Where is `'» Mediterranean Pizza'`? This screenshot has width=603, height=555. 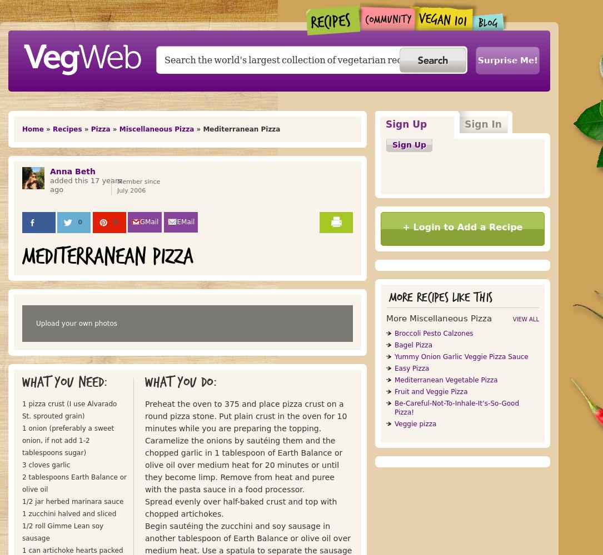
'» Mediterranean Pizza' is located at coordinates (236, 129).